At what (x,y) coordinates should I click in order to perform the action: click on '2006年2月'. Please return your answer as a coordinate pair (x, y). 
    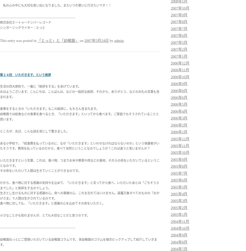
    Looking at the image, I should click on (179, 125).